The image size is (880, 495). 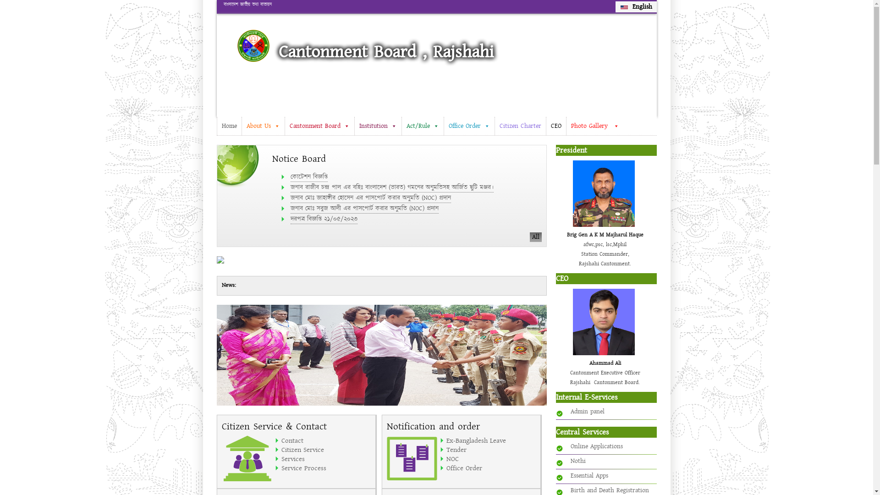 I want to click on 'Essential Apps', so click(x=589, y=475).